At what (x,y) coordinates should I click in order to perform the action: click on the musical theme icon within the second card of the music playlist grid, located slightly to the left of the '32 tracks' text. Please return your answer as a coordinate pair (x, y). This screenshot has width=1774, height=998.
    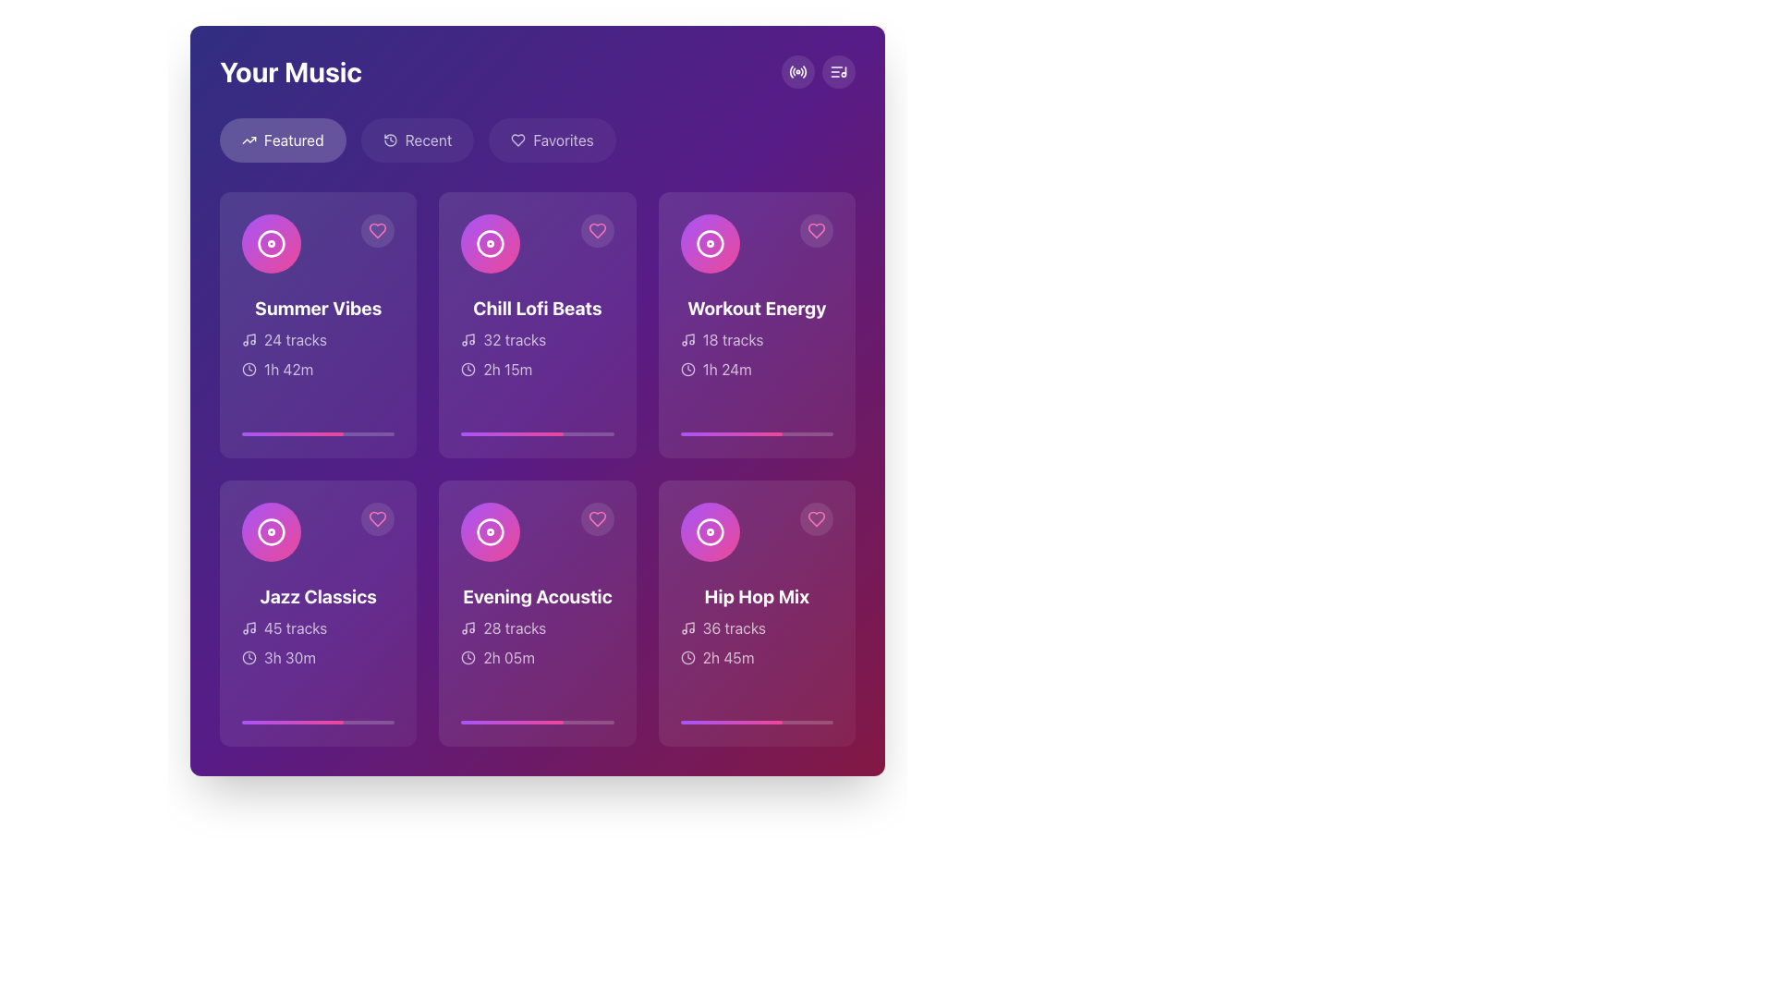
    Looking at the image, I should click on (468, 339).